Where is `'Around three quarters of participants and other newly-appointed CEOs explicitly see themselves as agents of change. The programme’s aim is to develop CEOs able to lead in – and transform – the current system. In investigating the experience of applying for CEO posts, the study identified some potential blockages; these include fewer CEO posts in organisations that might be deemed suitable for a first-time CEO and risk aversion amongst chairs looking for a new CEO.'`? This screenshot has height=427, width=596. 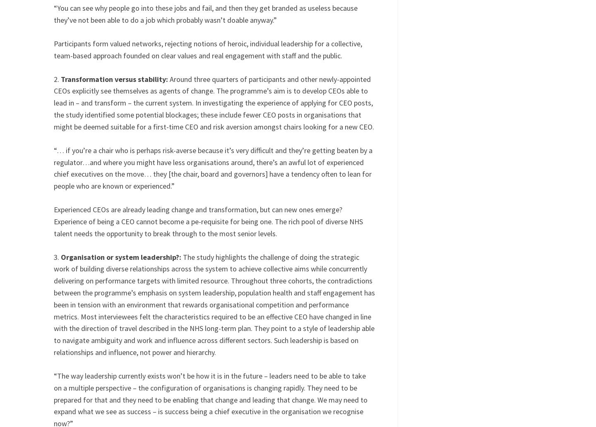
'Around three quarters of participants and other newly-appointed CEOs explicitly see themselves as agents of change. The programme’s aim is to develop CEOs able to lead in – and transform – the current system. In investigating the experience of applying for CEO posts, the study identified some potential blockages; these include fewer CEO posts in organisations that might be deemed suitable for a first-time CEO and risk aversion amongst chairs looking for a new CEO.' is located at coordinates (213, 102).